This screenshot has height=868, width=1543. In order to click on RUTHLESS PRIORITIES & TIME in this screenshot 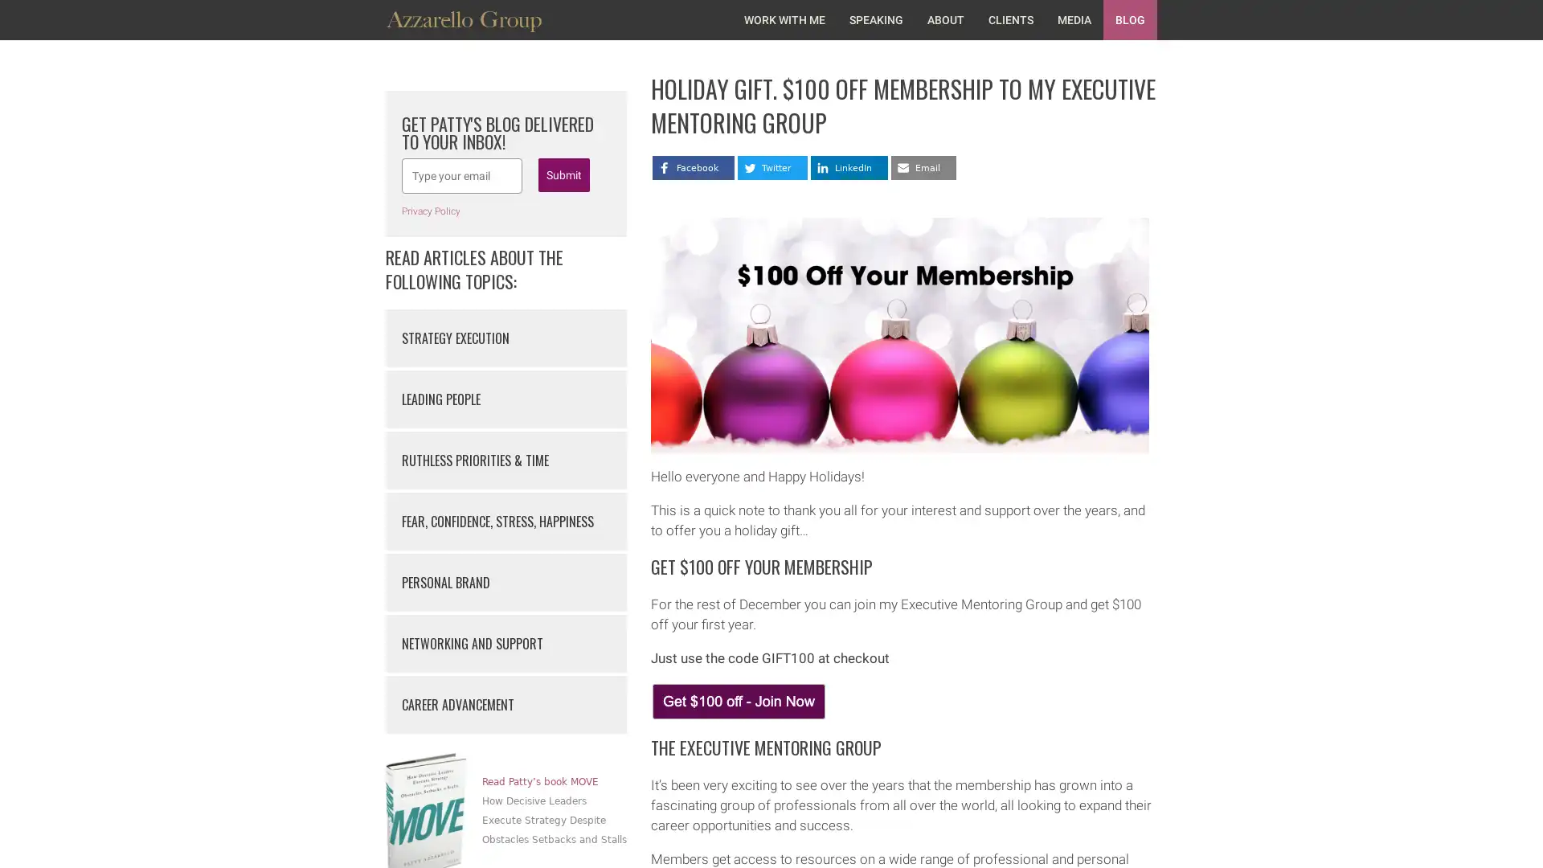, I will do `click(505, 461)`.